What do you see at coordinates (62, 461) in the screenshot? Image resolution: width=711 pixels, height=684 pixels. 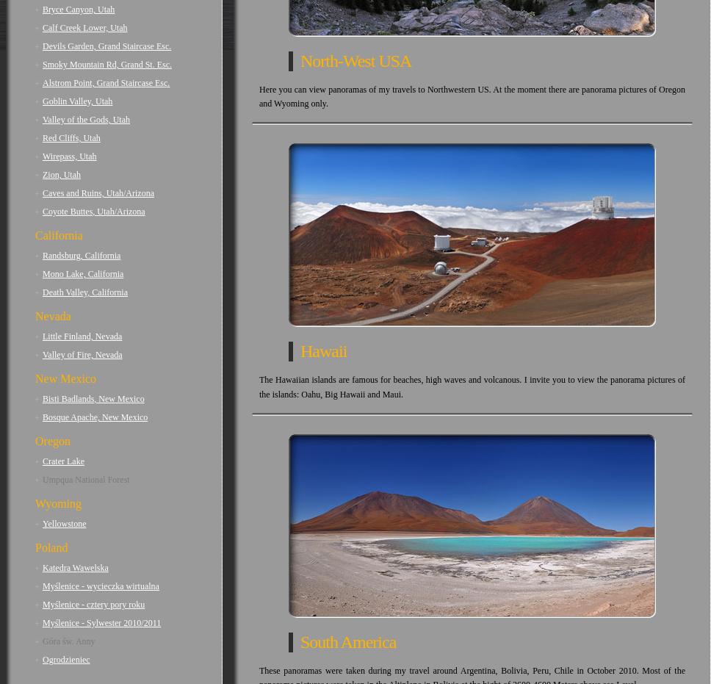 I see `'Crater Lake'` at bounding box center [62, 461].